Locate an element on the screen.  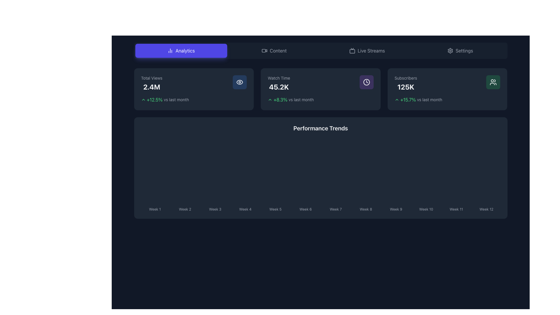
the Text Label showing the statistical percentage growth value related to 'Subscribers', positioned below the 'Subscribers' label and before 'vs last month' is located at coordinates (408, 99).